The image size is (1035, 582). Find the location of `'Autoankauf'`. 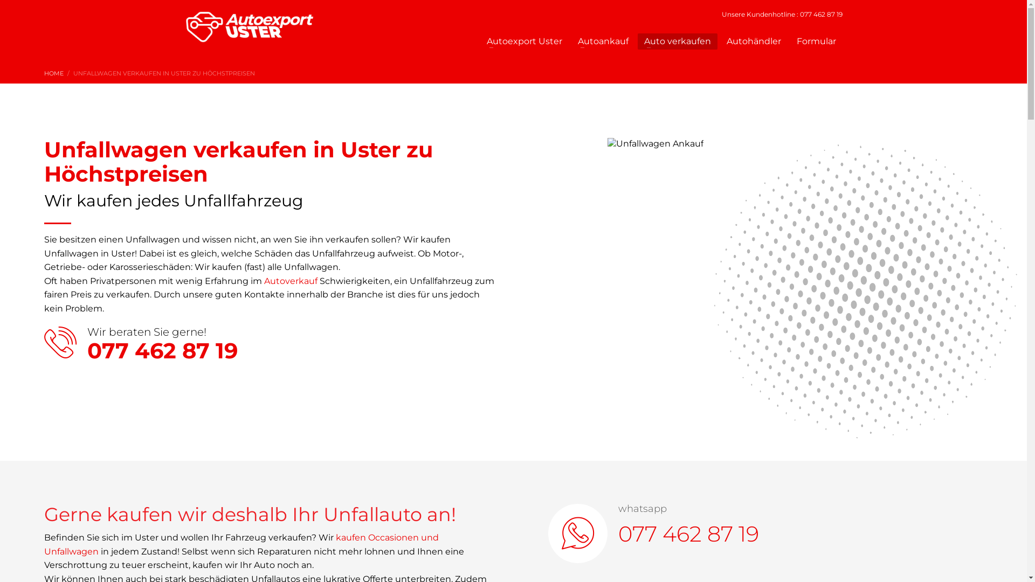

'Autoankauf' is located at coordinates (571, 41).